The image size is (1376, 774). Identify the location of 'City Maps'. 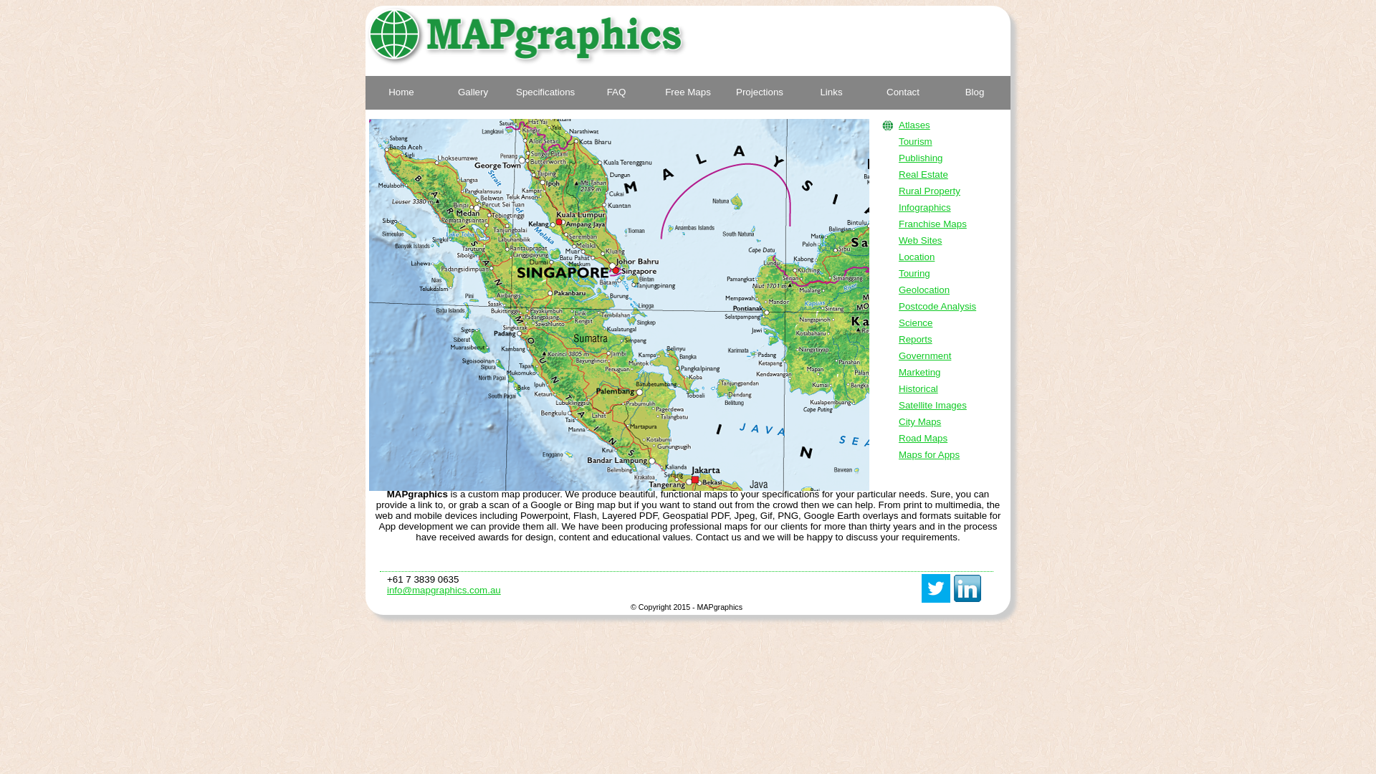
(919, 421).